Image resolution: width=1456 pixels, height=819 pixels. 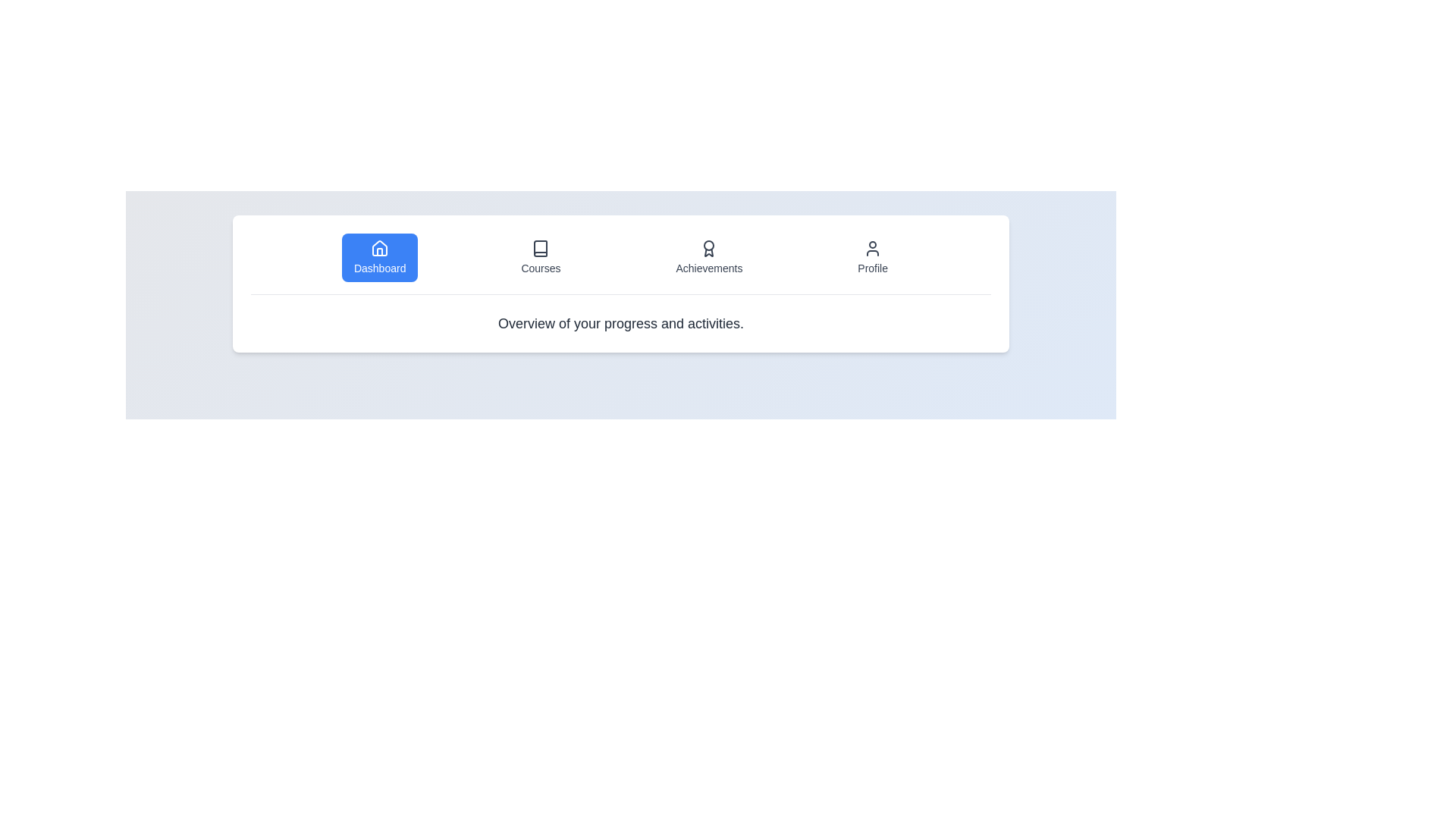 What do you see at coordinates (380, 247) in the screenshot?
I see `the 'Dashboard' icon located in the first button of the horizontal navigation bar` at bounding box center [380, 247].